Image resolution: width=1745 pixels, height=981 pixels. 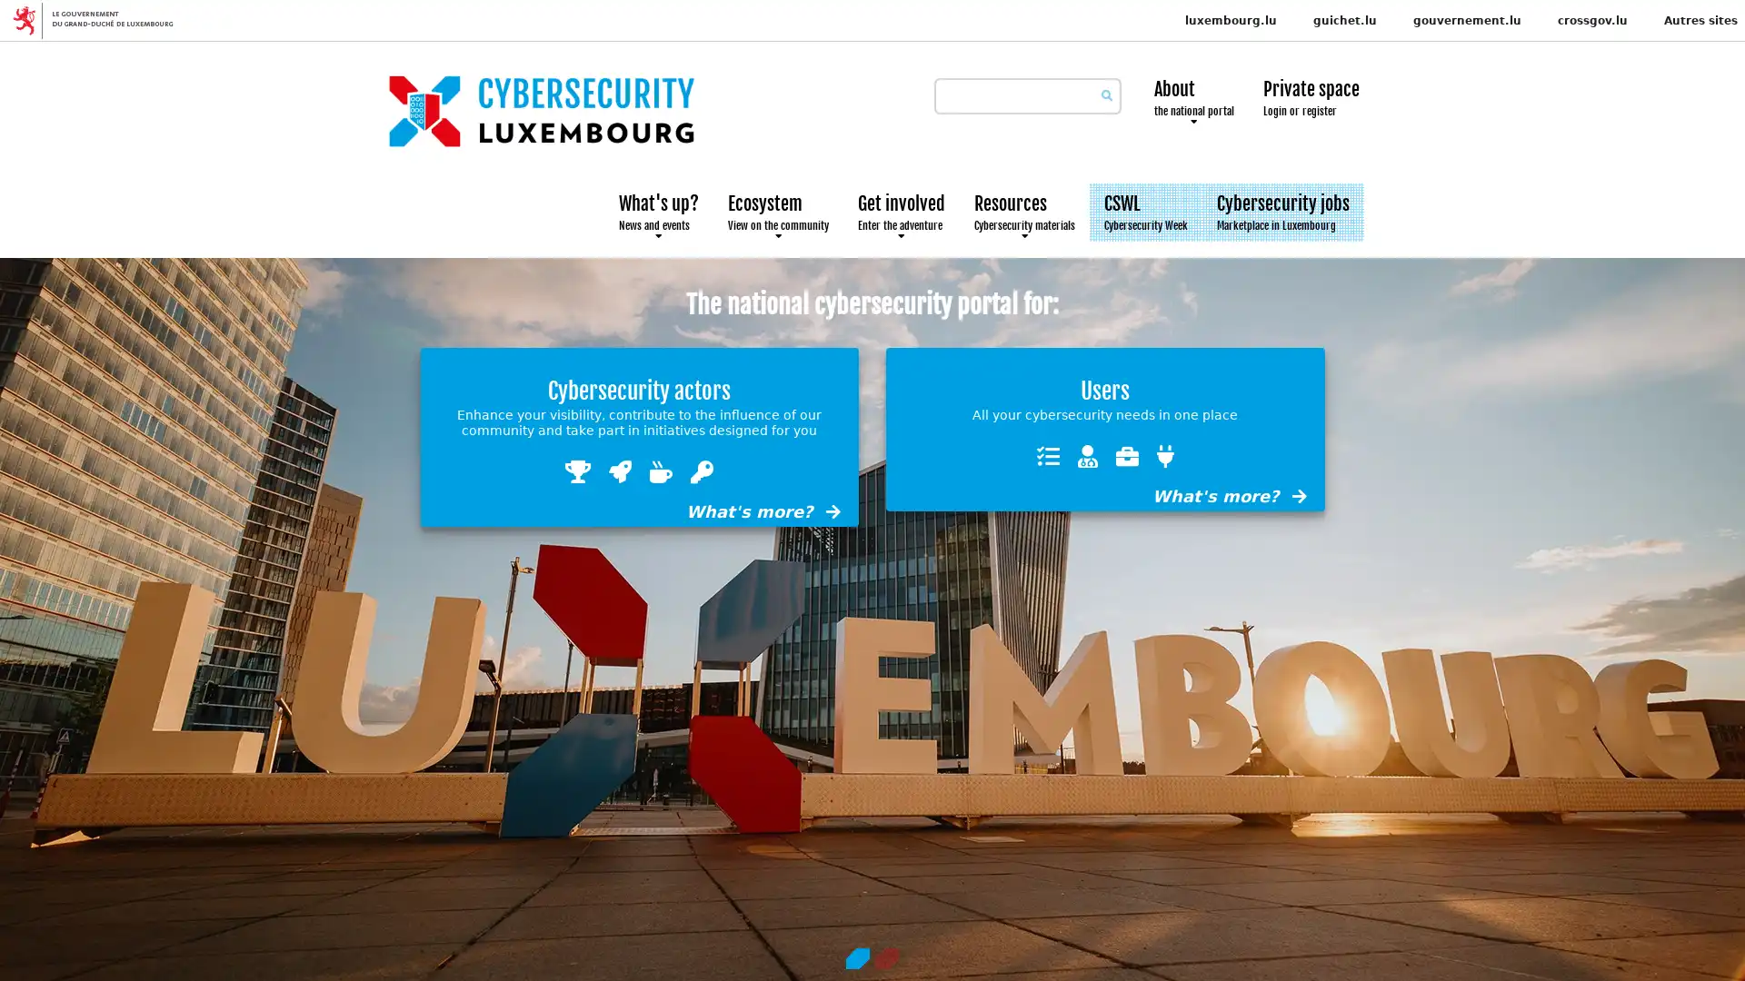 What do you see at coordinates (1281, 212) in the screenshot?
I see `Cybersecurity jobs Marketplace in Luxembourg` at bounding box center [1281, 212].